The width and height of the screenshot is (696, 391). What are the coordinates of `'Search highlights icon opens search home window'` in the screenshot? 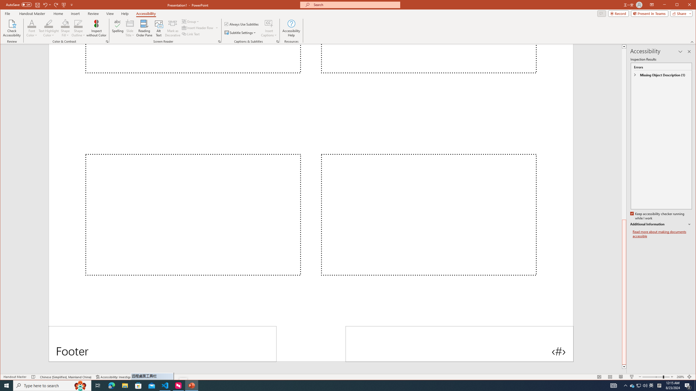 It's located at (80, 385).